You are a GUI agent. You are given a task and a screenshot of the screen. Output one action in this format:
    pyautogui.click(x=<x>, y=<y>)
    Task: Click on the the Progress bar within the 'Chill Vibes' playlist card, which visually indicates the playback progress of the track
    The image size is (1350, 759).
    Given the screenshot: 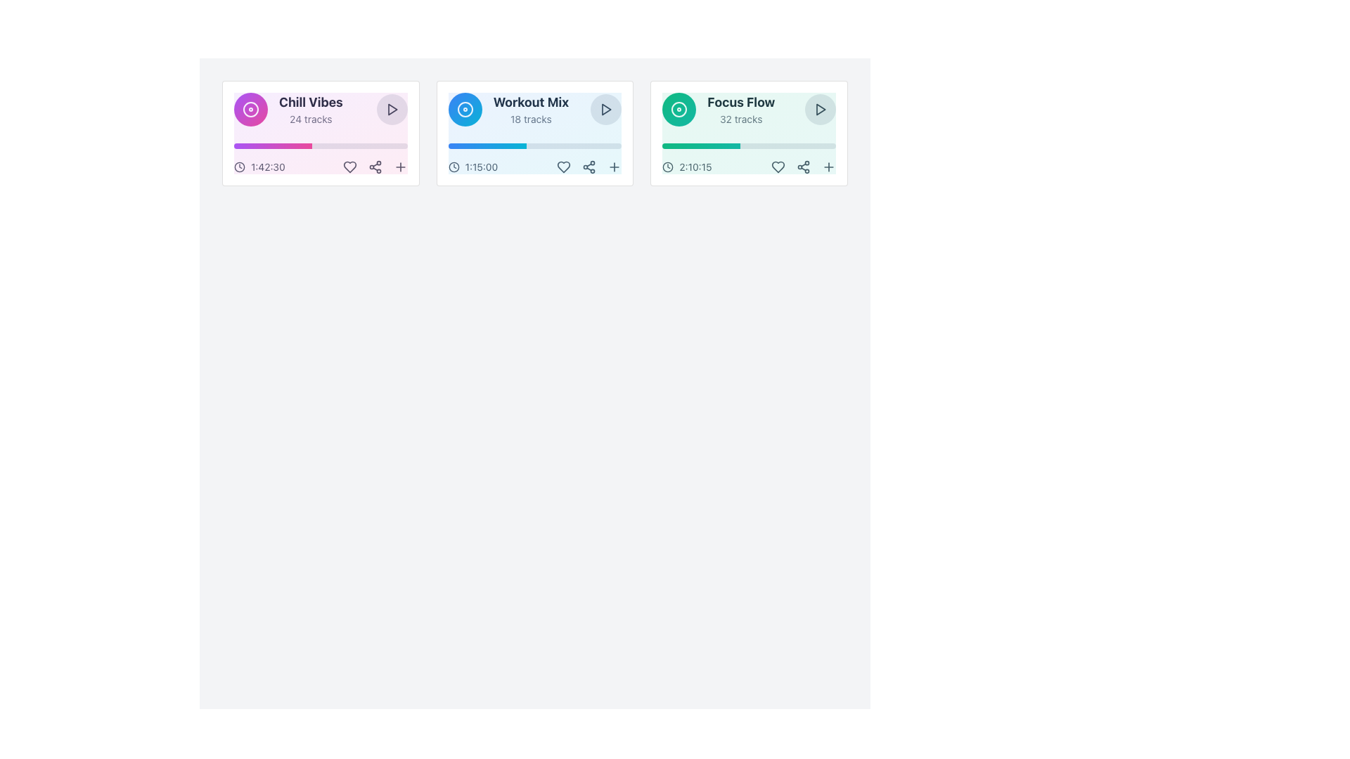 What is the action you would take?
    pyautogui.click(x=320, y=146)
    